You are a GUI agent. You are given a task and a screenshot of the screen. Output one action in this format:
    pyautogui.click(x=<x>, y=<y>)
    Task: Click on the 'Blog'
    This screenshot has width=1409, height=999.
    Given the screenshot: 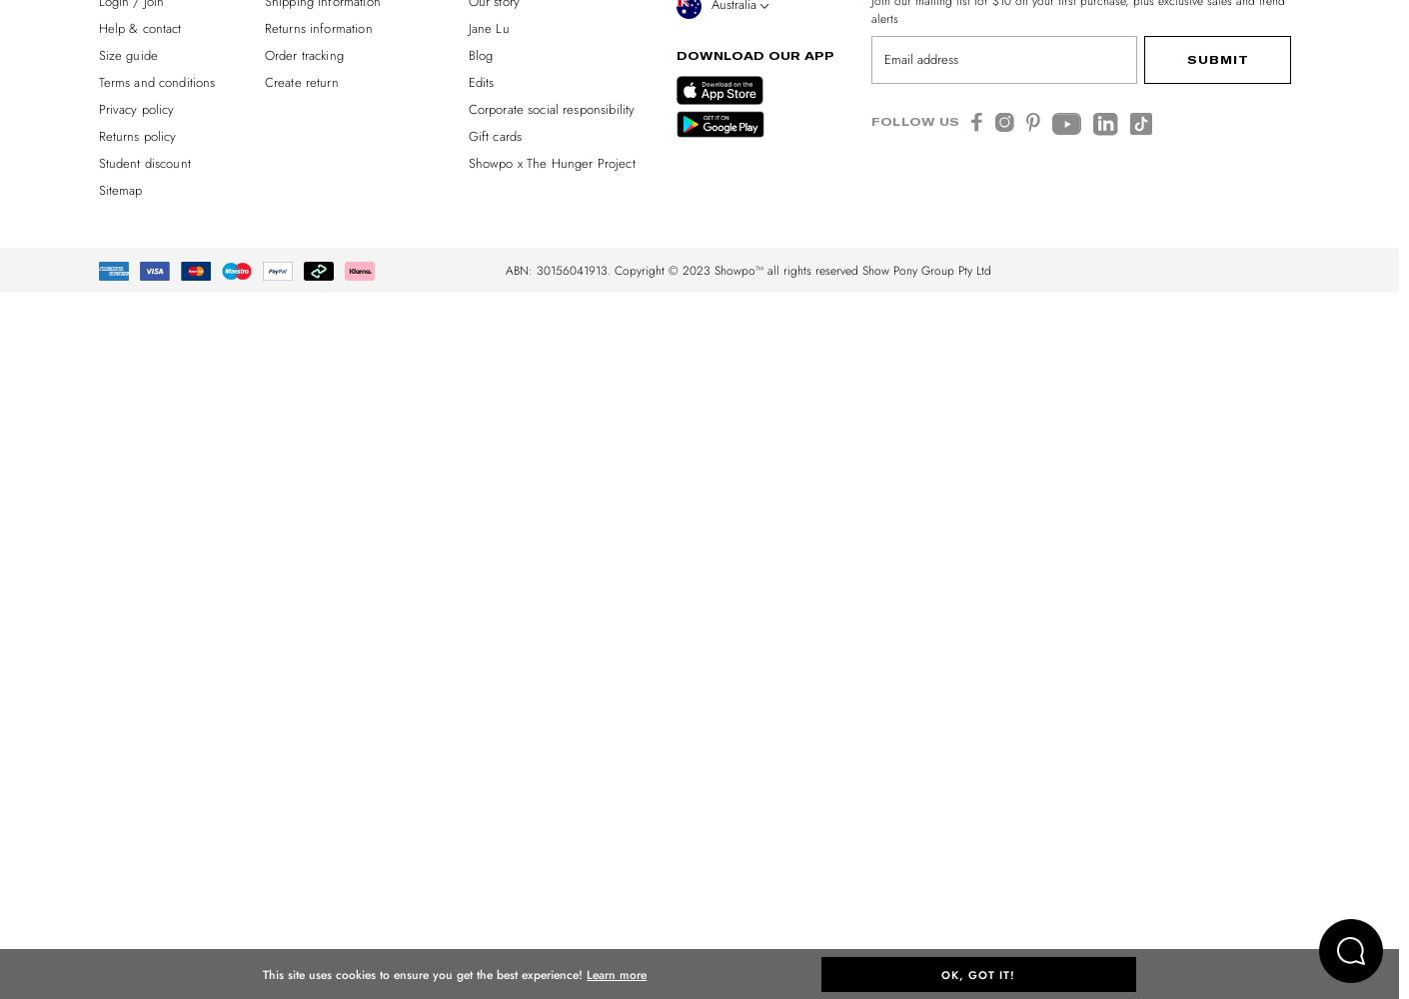 What is the action you would take?
    pyautogui.click(x=479, y=54)
    